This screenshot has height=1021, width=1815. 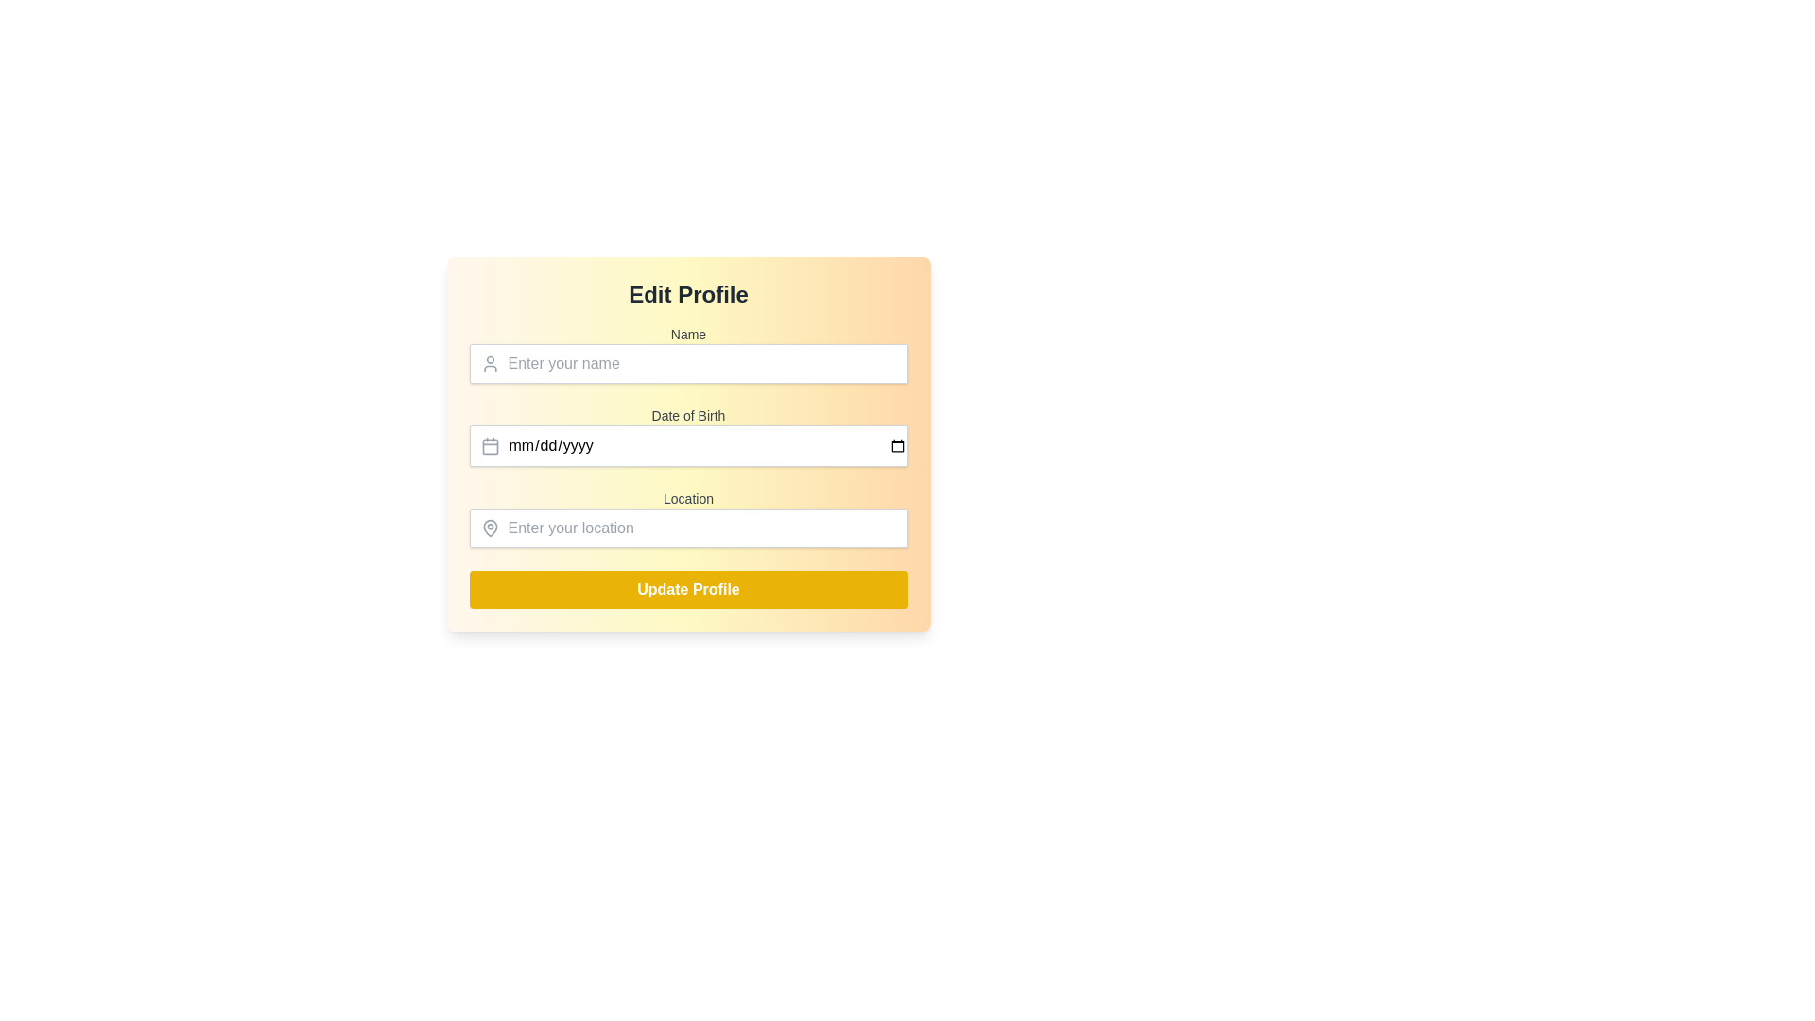 I want to click on the 'Location' label that provides a descriptor for the text input field below it, so click(x=687, y=498).